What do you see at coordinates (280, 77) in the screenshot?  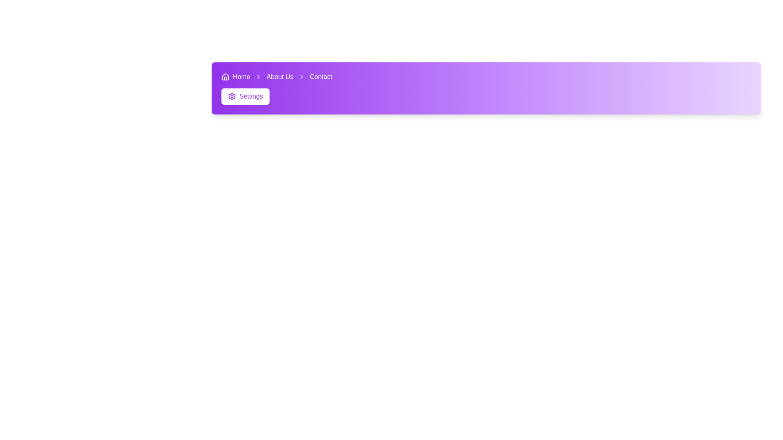 I see `the 'About Us' text link in the navigation bar` at bounding box center [280, 77].